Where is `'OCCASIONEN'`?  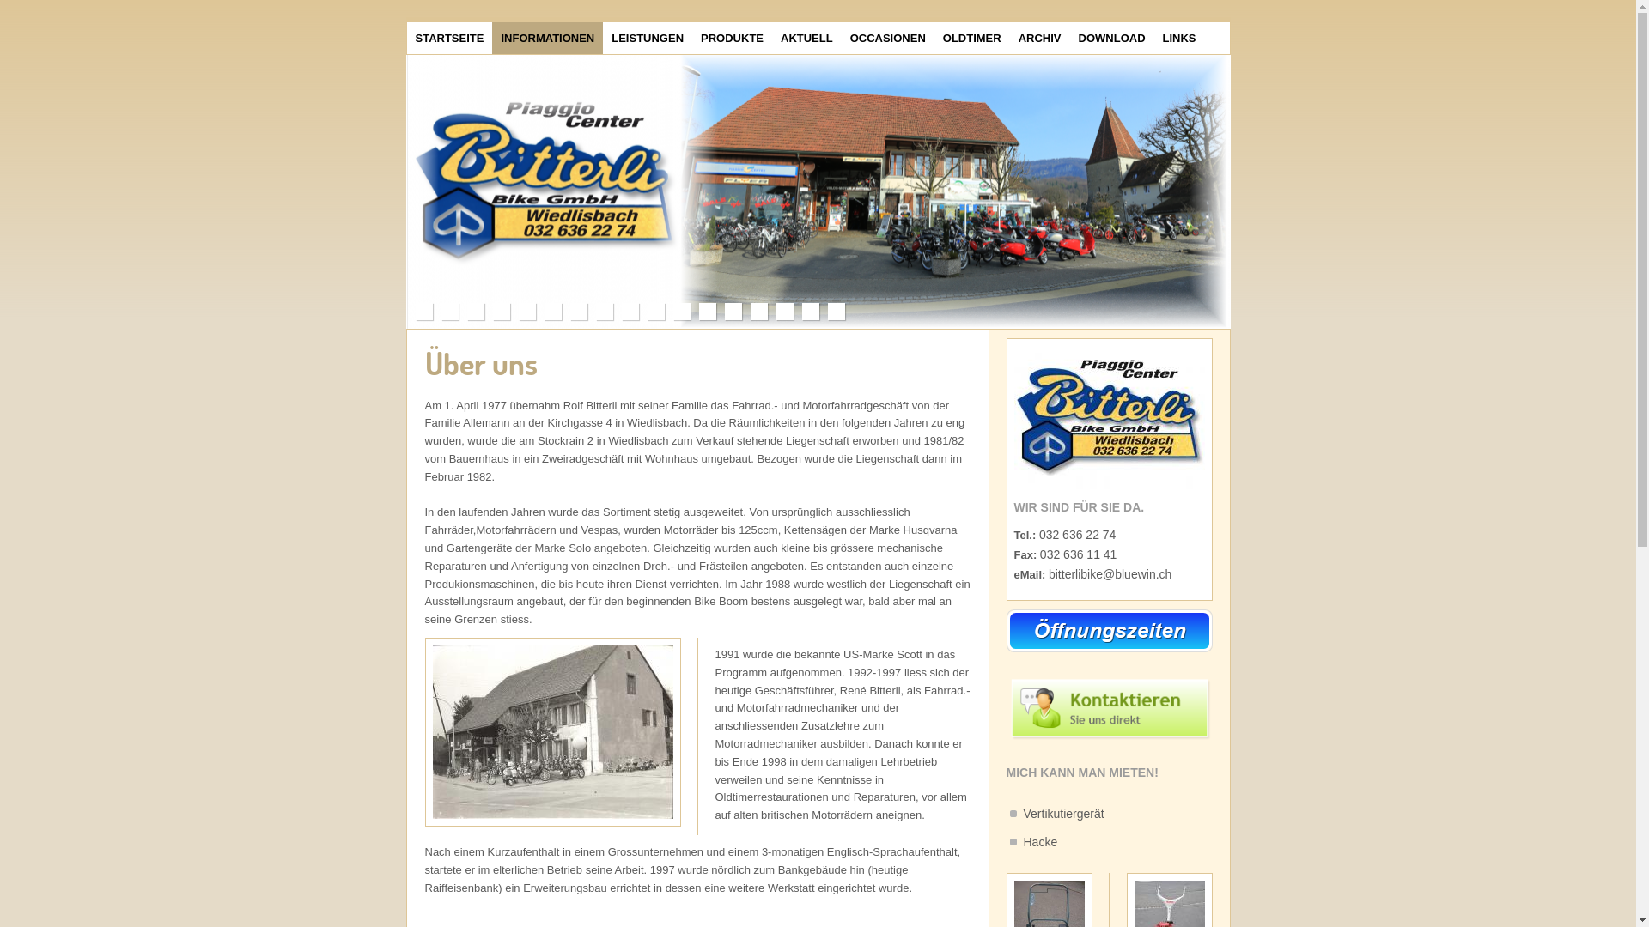
'OCCASIONEN' is located at coordinates (887, 38).